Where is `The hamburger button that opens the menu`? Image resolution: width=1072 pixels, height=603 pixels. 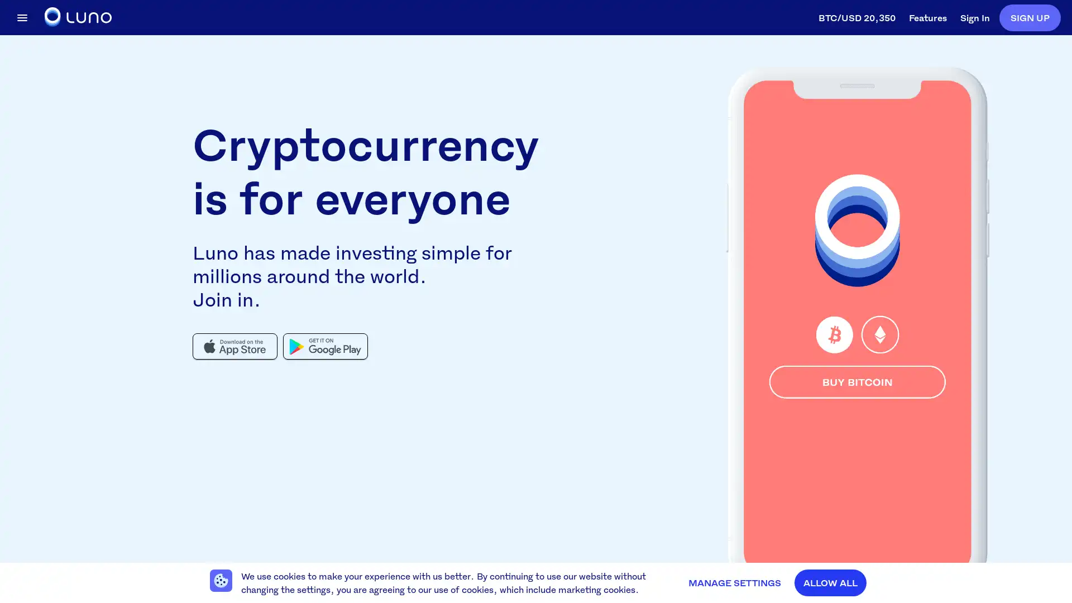
The hamburger button that opens the menu is located at coordinates (22, 17).